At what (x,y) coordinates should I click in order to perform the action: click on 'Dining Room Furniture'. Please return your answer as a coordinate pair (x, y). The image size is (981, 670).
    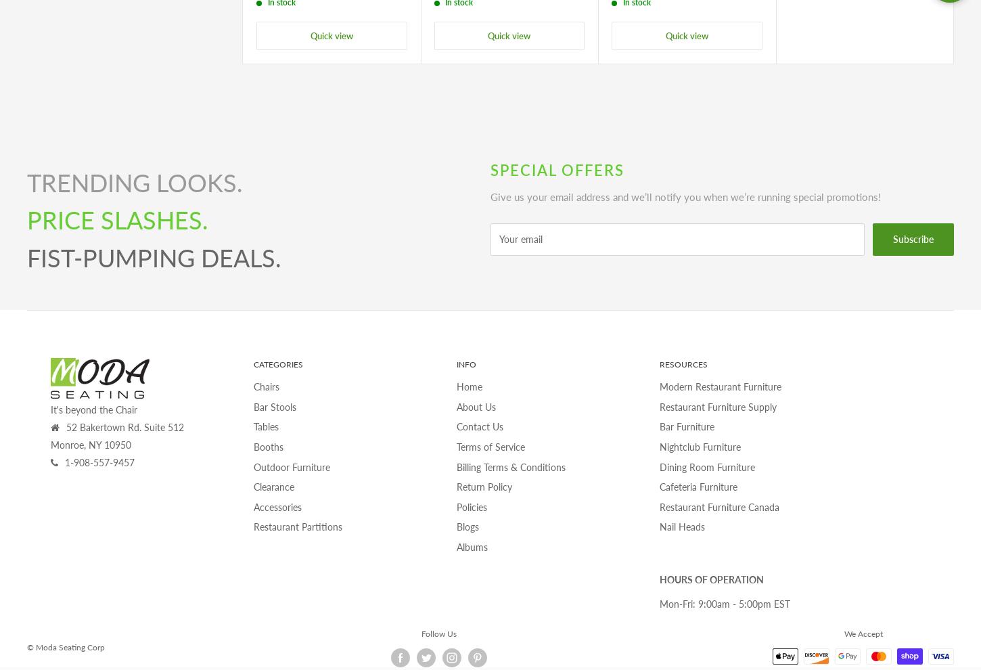
    Looking at the image, I should click on (707, 466).